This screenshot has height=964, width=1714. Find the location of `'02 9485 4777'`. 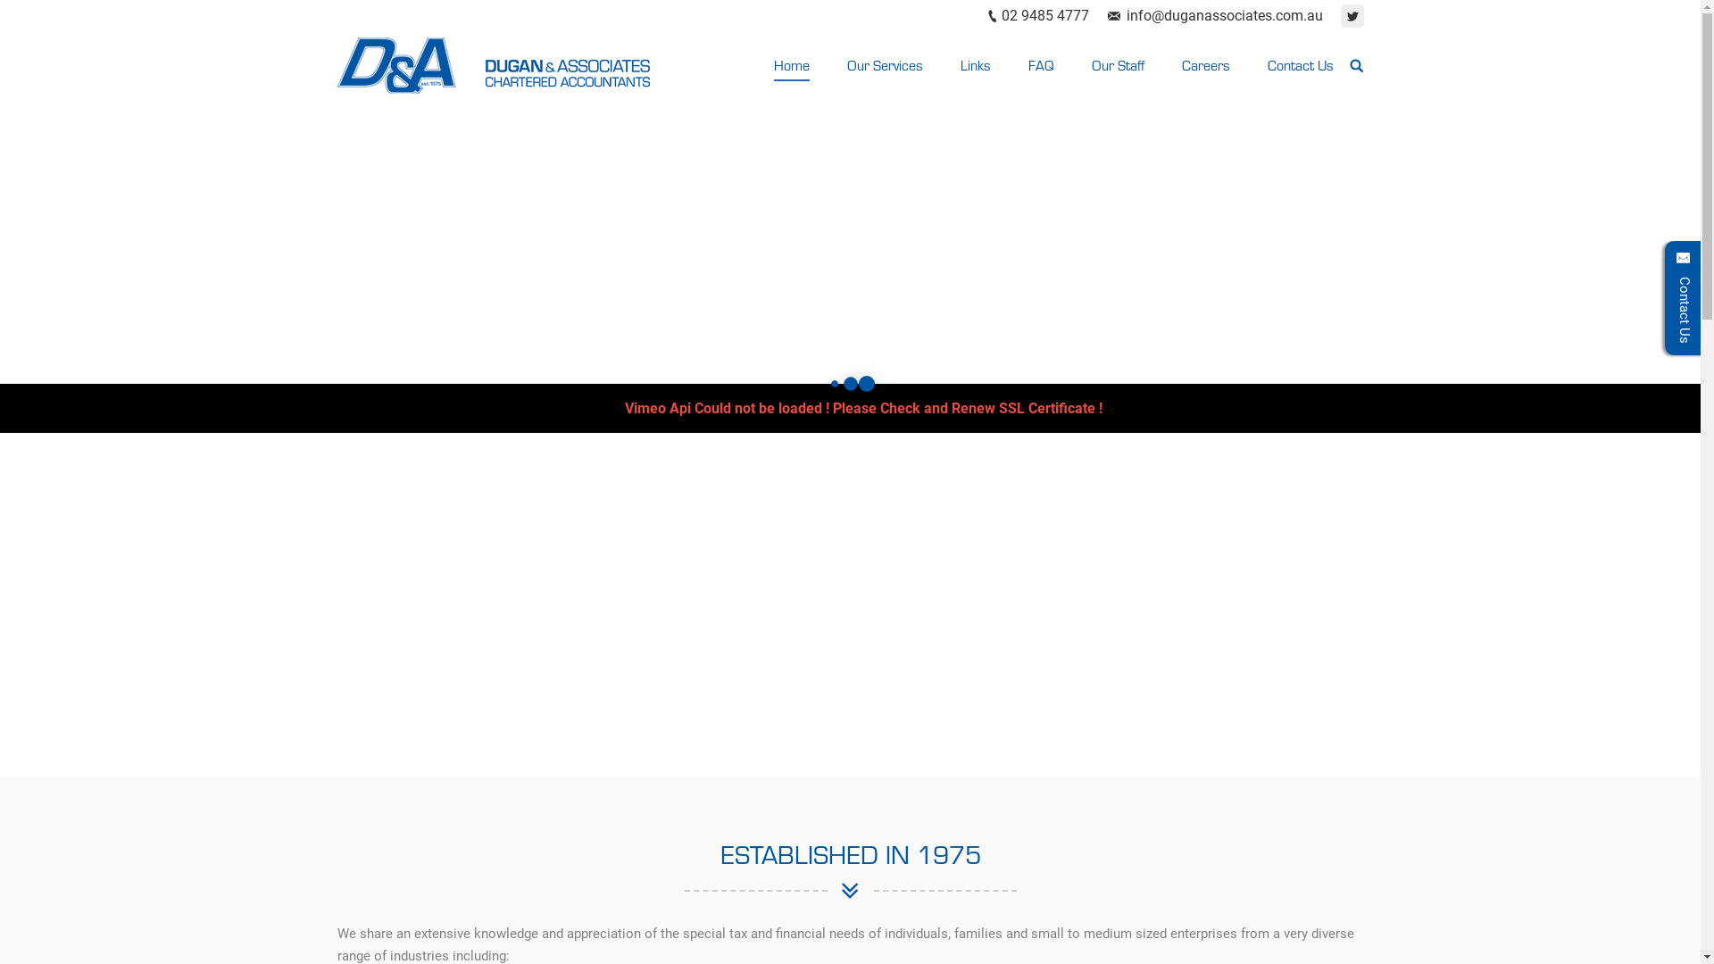

'02 9485 4777' is located at coordinates (1045, 15).